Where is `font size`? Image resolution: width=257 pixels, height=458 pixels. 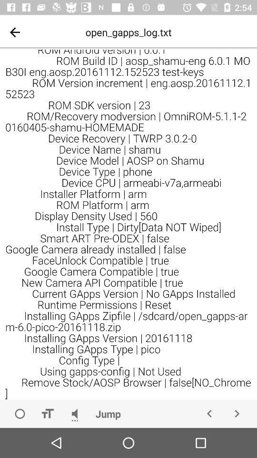 font size is located at coordinates (47, 413).